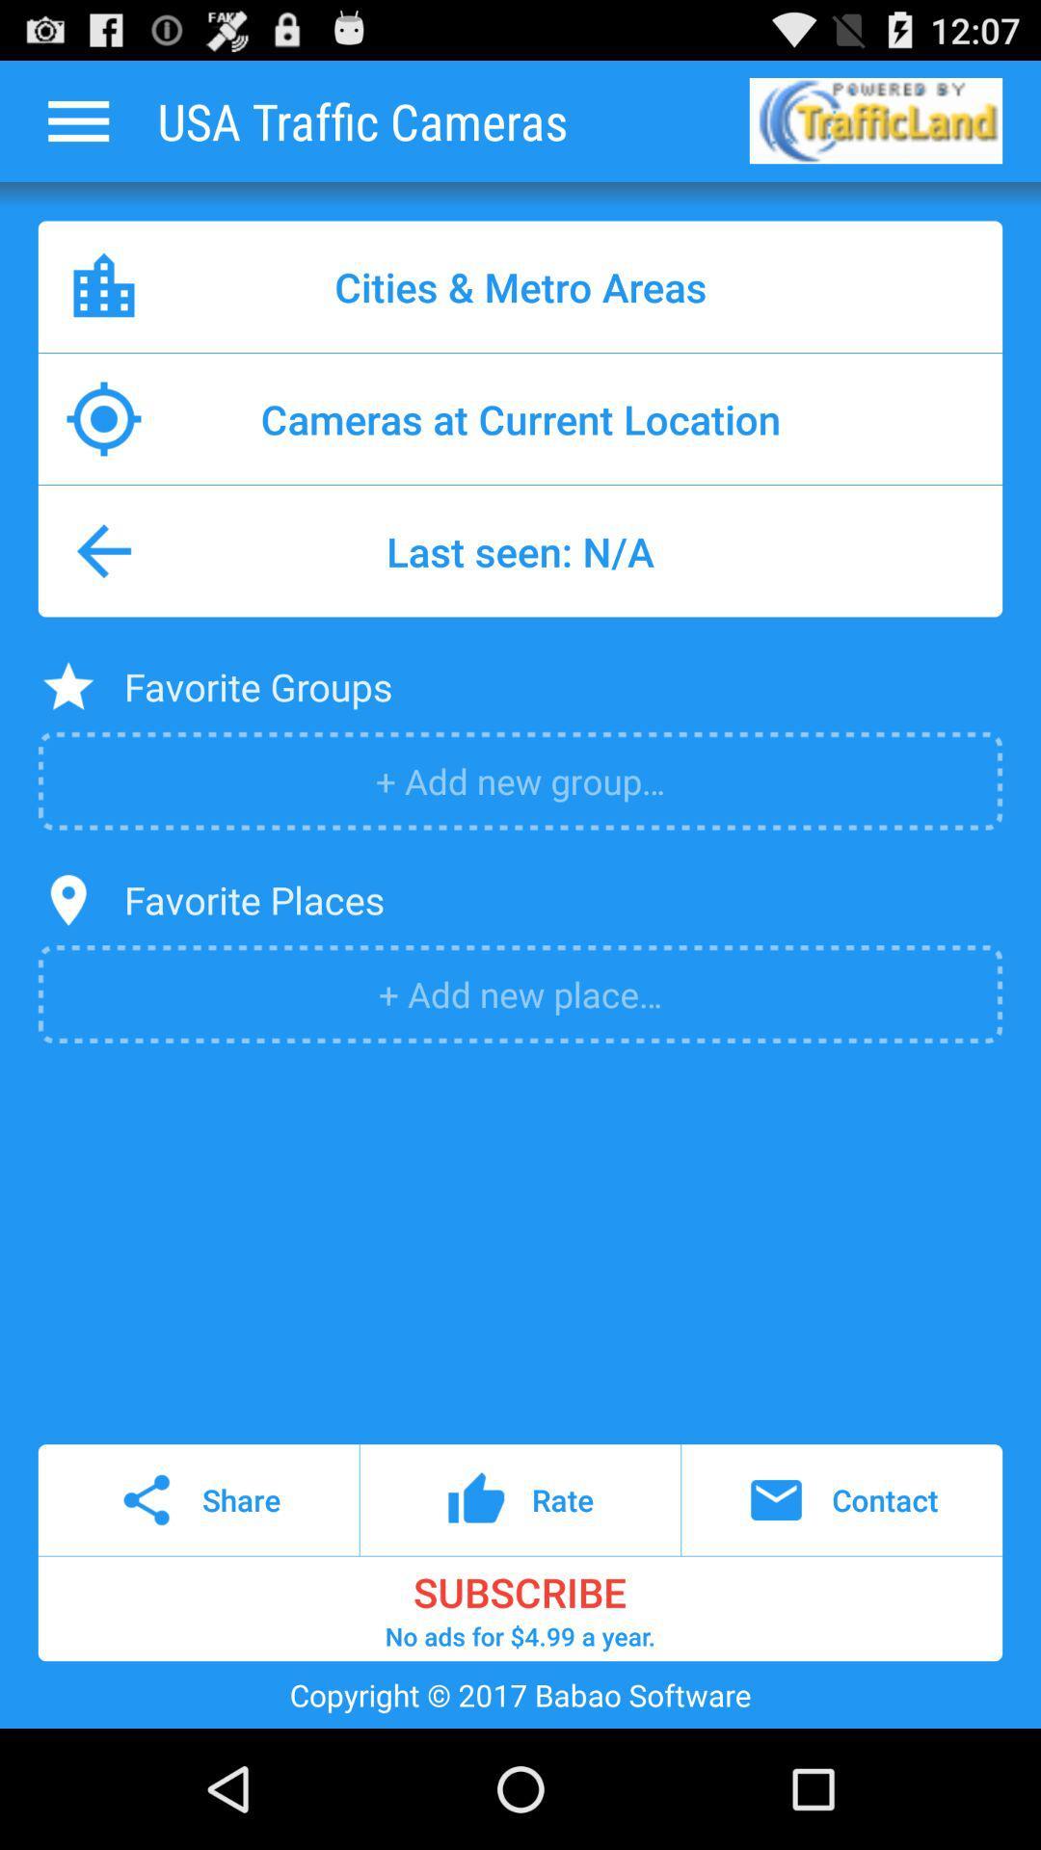 The width and height of the screenshot is (1041, 1850). Describe the element at coordinates (104, 550) in the screenshot. I see `item next to the last seen n item` at that location.